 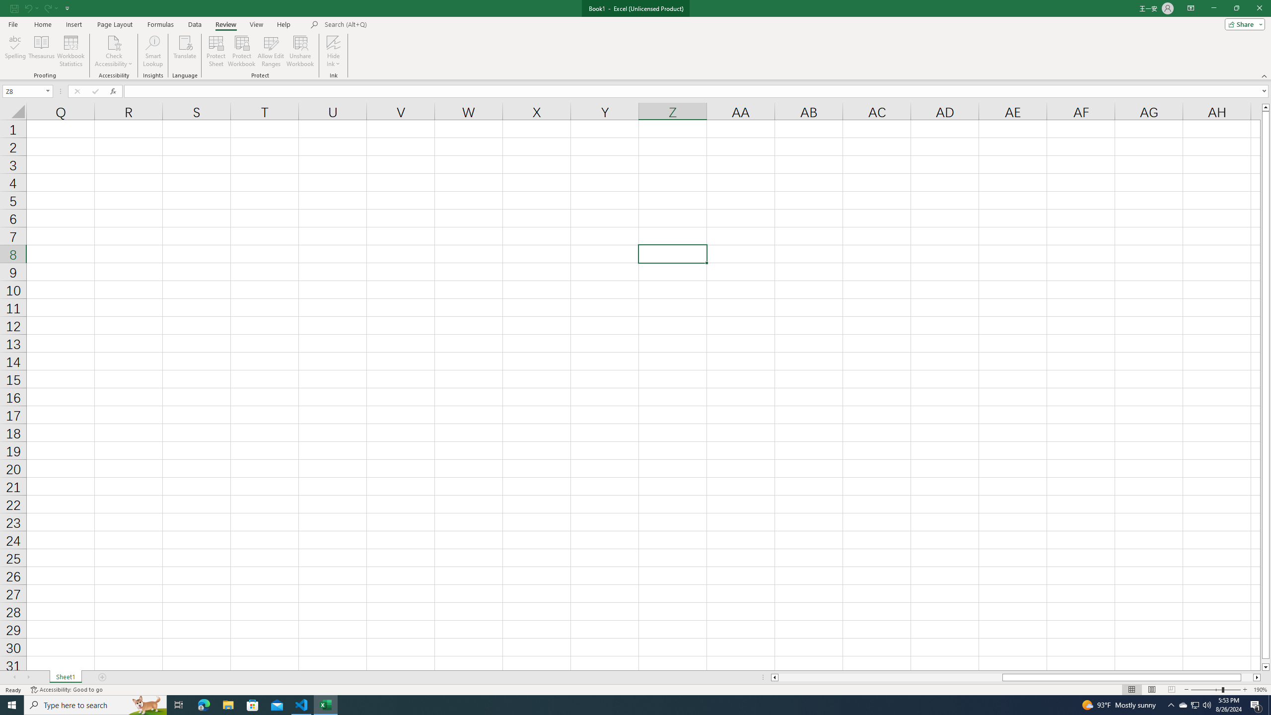 I want to click on 'Smart Lookup', so click(x=152, y=51).